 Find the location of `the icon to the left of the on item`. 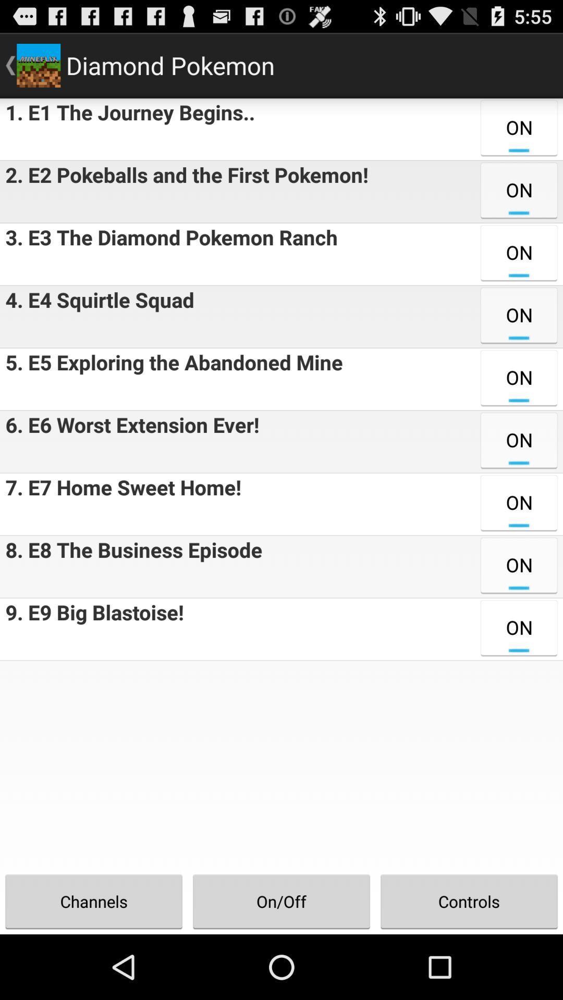

the icon to the left of the on item is located at coordinates (127, 129).